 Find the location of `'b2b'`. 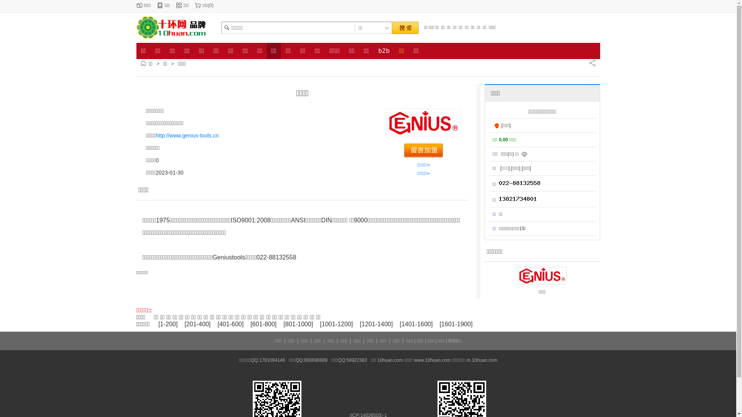

'b2b' is located at coordinates (373, 51).